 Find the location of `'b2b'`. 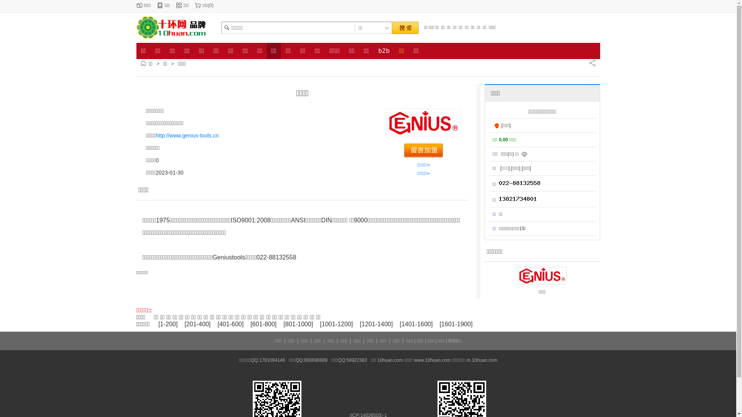

'b2b' is located at coordinates (373, 51).